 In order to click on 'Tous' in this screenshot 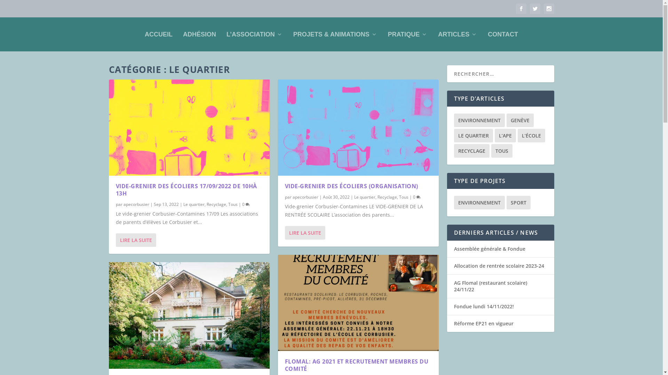, I will do `click(233, 204)`.